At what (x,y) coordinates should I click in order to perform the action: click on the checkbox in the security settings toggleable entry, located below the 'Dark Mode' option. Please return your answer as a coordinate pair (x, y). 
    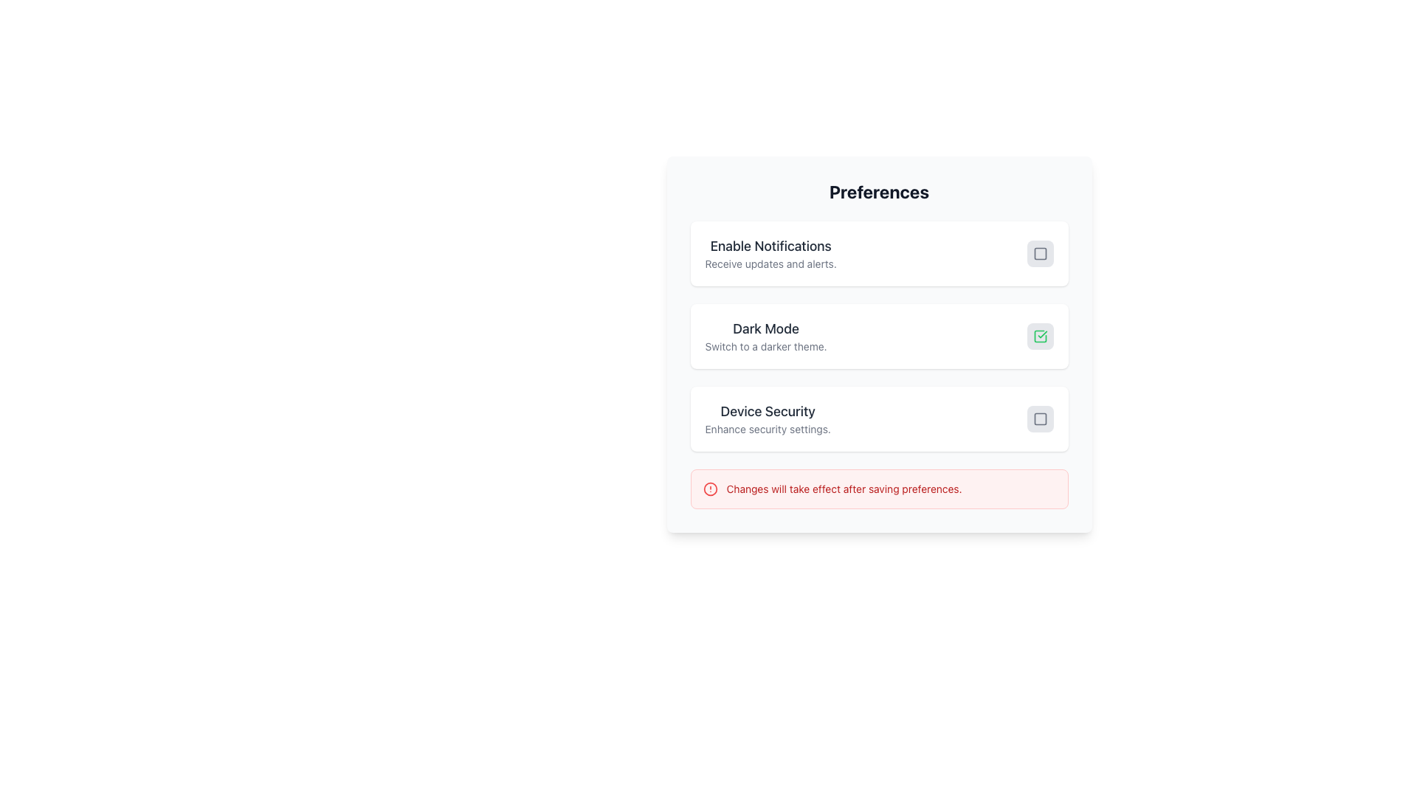
    Looking at the image, I should click on (879, 418).